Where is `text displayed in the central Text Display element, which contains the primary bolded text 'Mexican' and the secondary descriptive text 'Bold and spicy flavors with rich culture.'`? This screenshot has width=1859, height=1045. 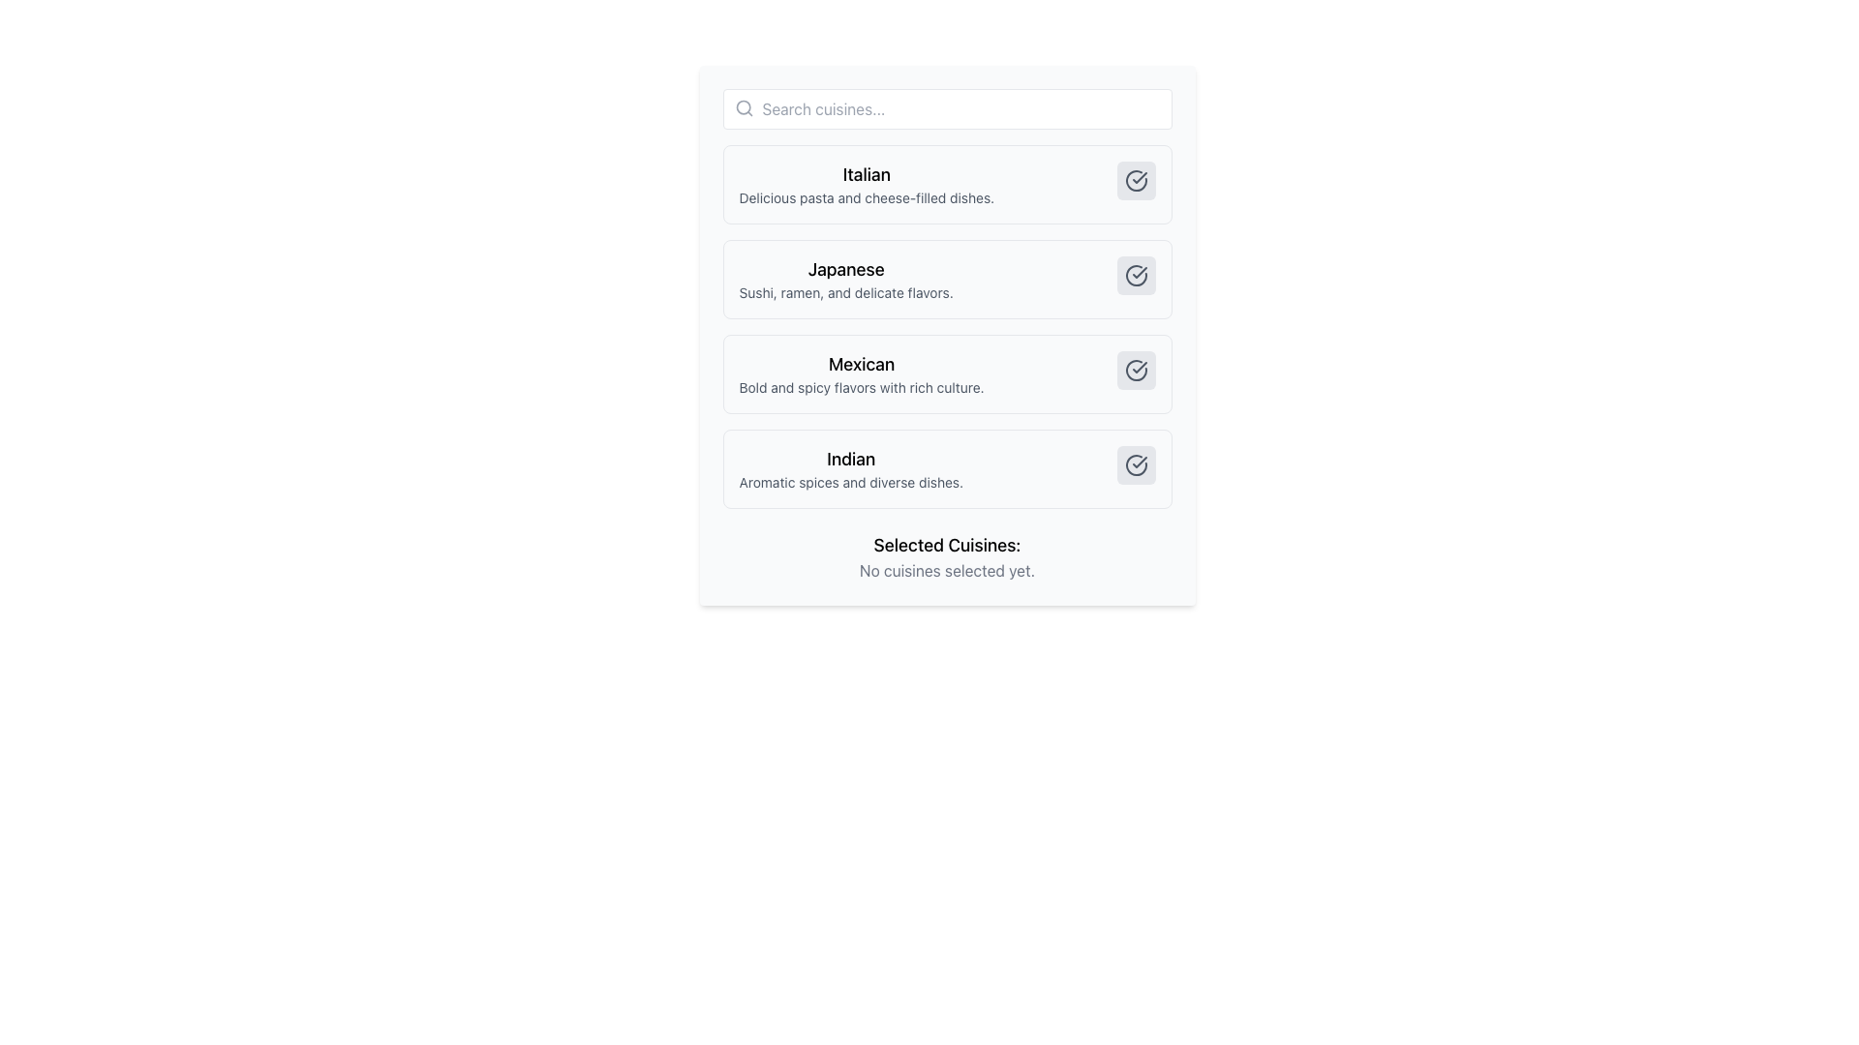 text displayed in the central Text Display element, which contains the primary bolded text 'Mexican' and the secondary descriptive text 'Bold and spicy flavors with rich culture.' is located at coordinates (861, 373).